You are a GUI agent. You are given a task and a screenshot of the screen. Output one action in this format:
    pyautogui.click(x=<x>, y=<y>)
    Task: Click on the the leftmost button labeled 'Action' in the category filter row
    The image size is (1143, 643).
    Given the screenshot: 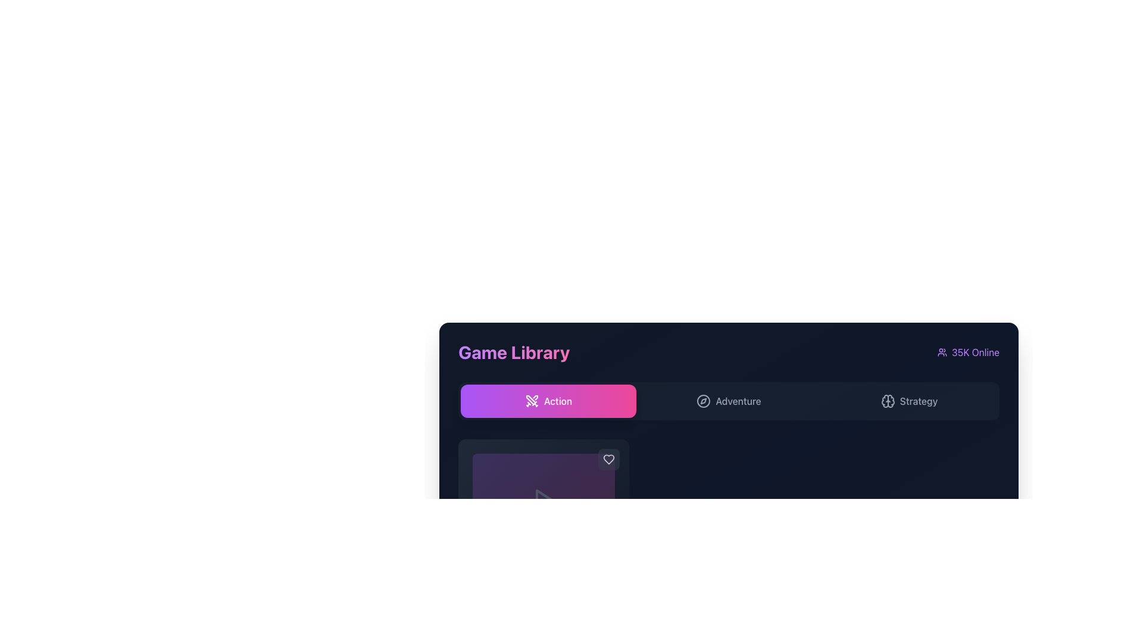 What is the action you would take?
    pyautogui.click(x=548, y=401)
    